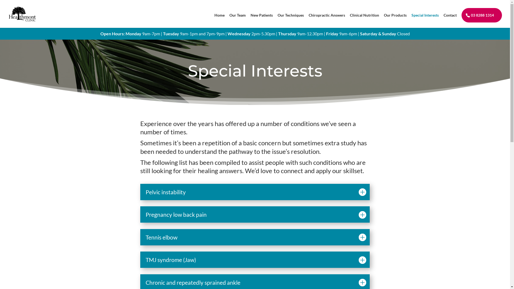 The width and height of the screenshot is (514, 289). What do you see at coordinates (326, 19) in the screenshot?
I see `'Chiropractic Answers'` at bounding box center [326, 19].